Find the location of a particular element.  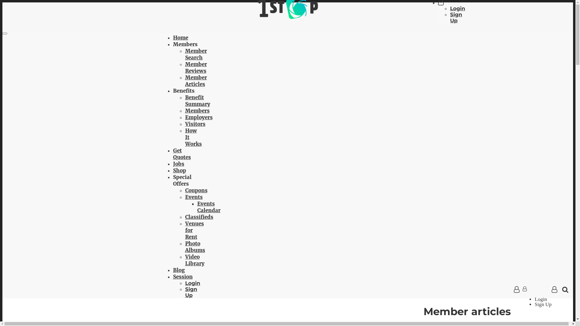

'Toggle navigation' is located at coordinates (5, 34).